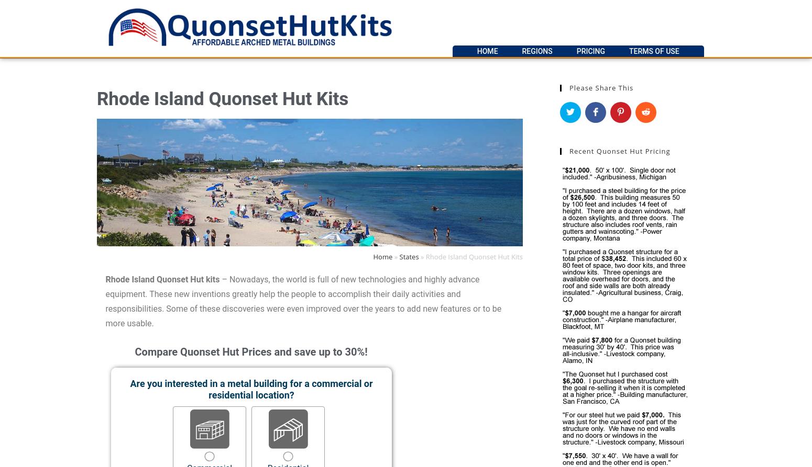 The height and width of the screenshot is (467, 812). What do you see at coordinates (223, 98) in the screenshot?
I see `'Rhode Island Quonset Hut Kits'` at bounding box center [223, 98].